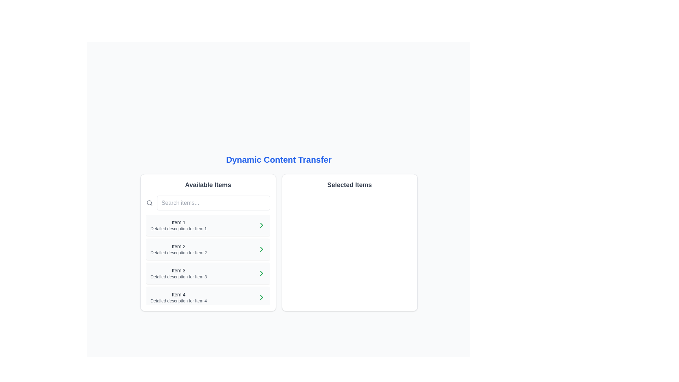 The image size is (679, 382). I want to click on the text block that displays 'Item 4' and its detailed description in the 'Available Items' section on the left side of the interface, so click(179, 297).